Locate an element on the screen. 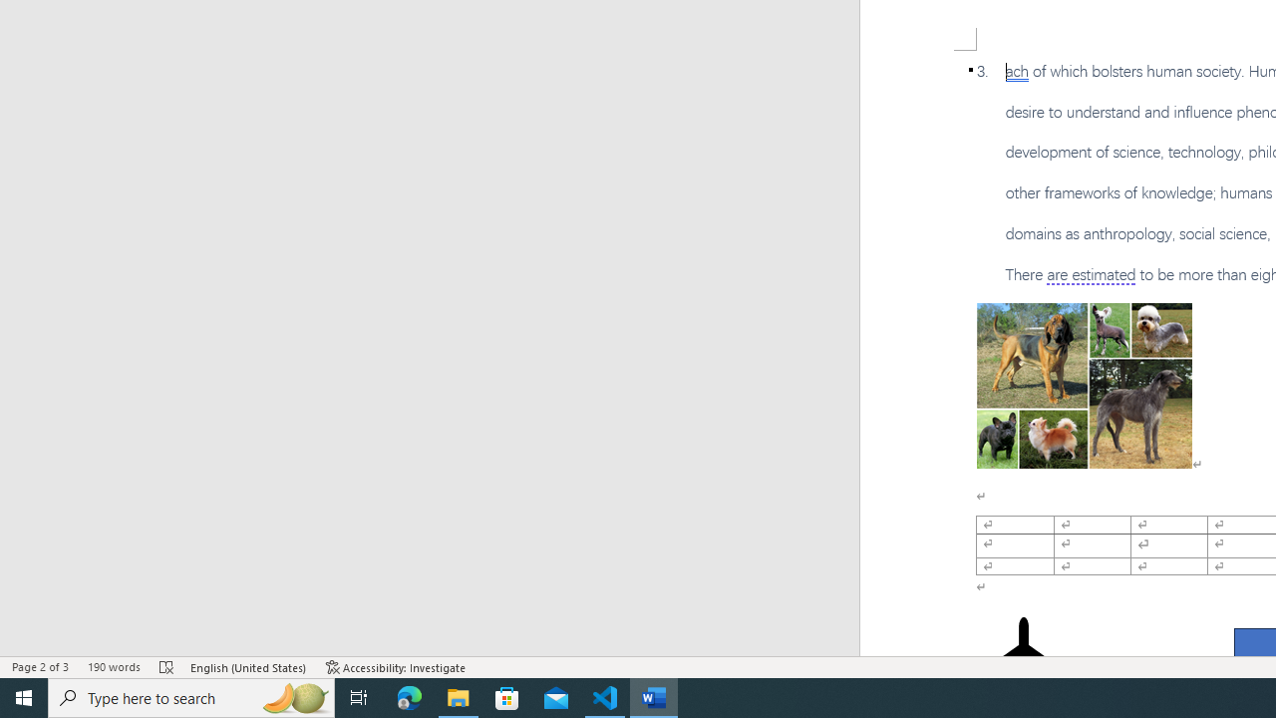 This screenshot has height=718, width=1276. 'Page Number Page 2 of 3' is located at coordinates (40, 667).